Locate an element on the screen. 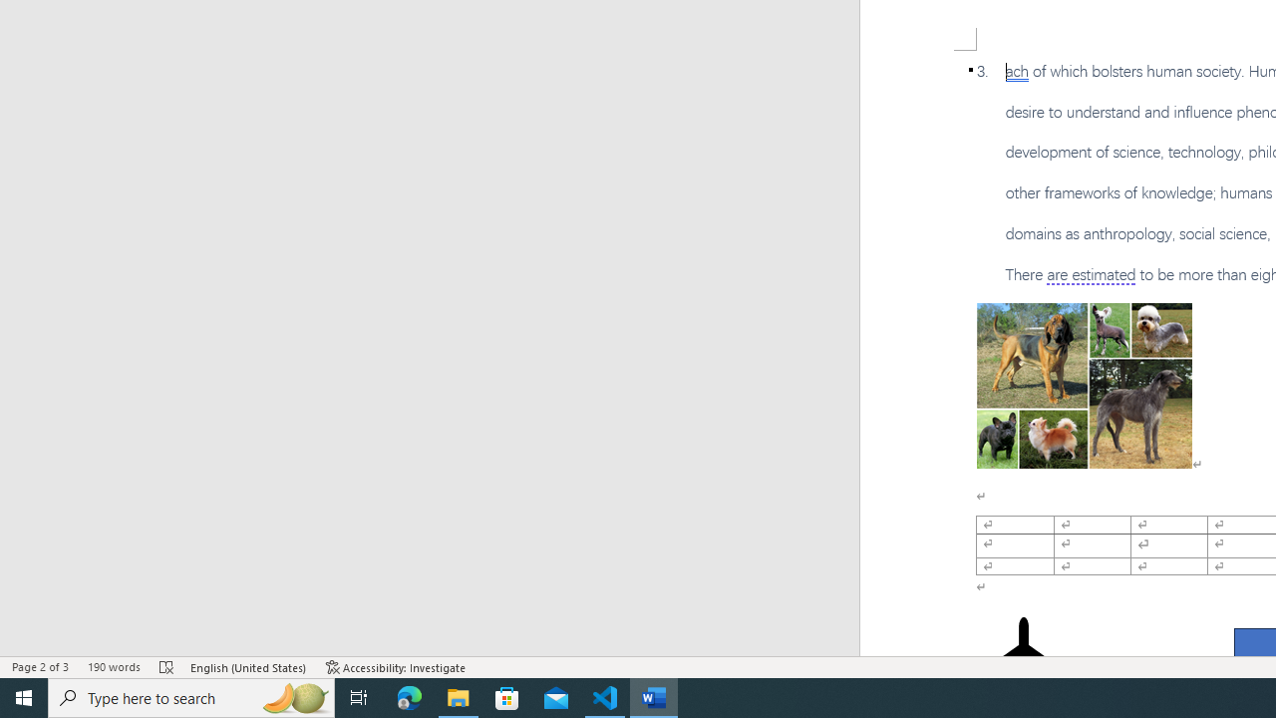 This screenshot has height=718, width=1276. 'Page Number Page 2 of 3' is located at coordinates (40, 667).